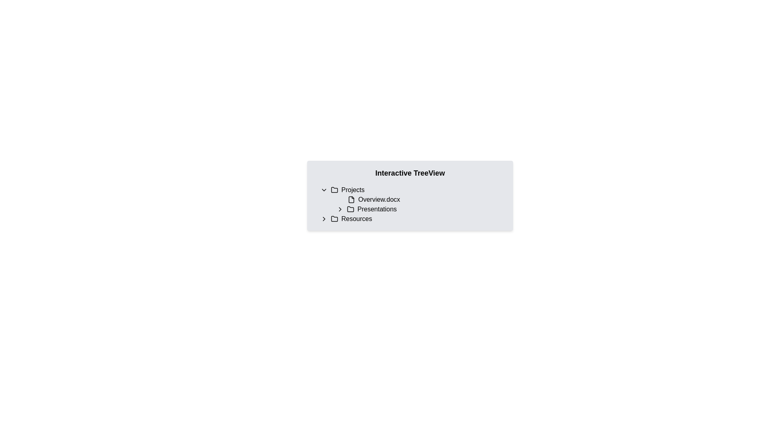 This screenshot has height=434, width=772. Describe the element at coordinates (410, 219) in the screenshot. I see `the 'Resources' folder in the tree view` at that location.